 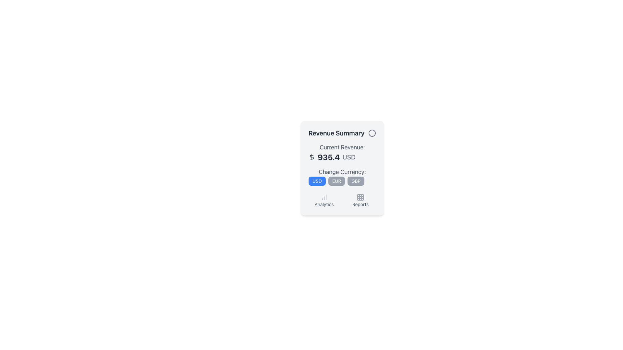 I want to click on the Text Display element that shows the financial value, located below the 'Current Revenue:' label and above subsequent elements, so click(x=342, y=157).